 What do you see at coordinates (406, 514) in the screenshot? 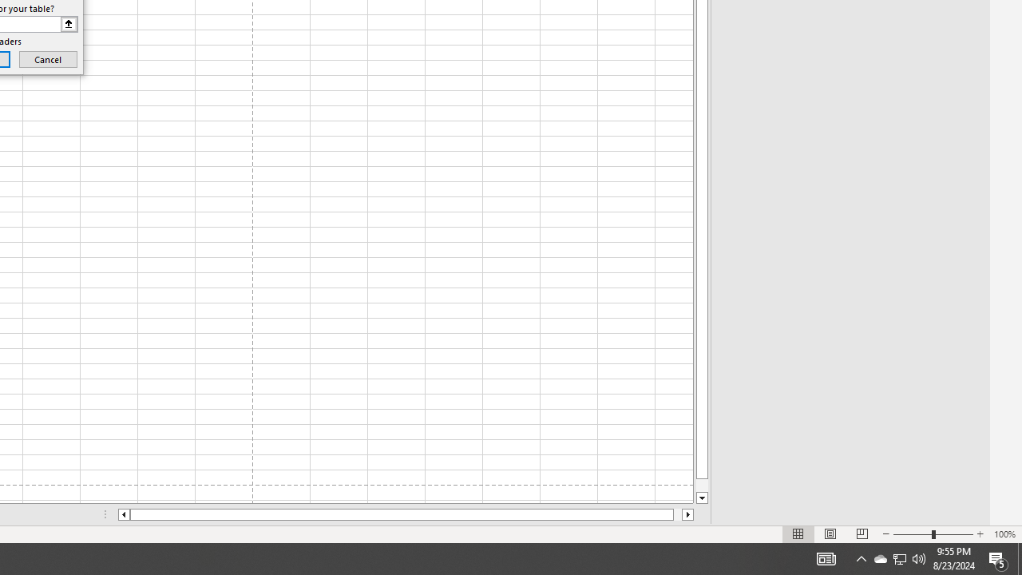
I see `'Class: NetUIScrollBar'` at bounding box center [406, 514].